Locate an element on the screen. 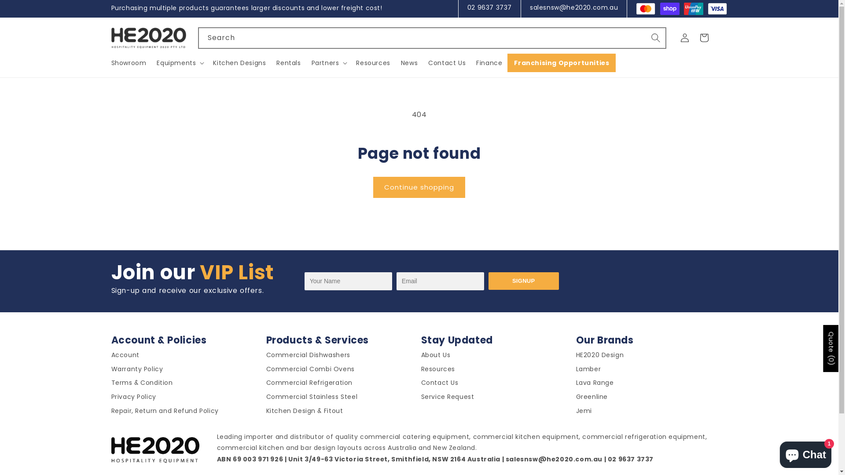 This screenshot has width=845, height=475. 'SIGNUP' is located at coordinates (524, 281).